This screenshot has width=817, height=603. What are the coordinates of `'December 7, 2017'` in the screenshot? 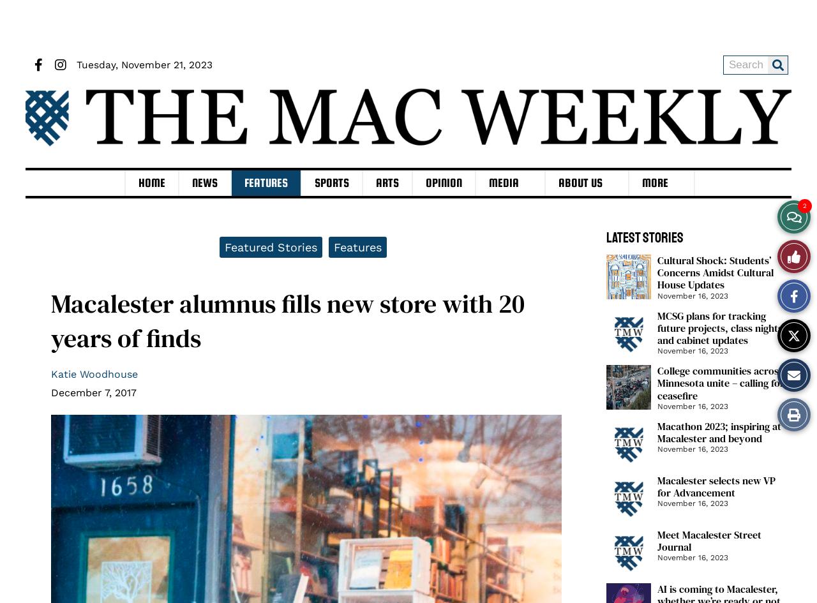 It's located at (93, 392).